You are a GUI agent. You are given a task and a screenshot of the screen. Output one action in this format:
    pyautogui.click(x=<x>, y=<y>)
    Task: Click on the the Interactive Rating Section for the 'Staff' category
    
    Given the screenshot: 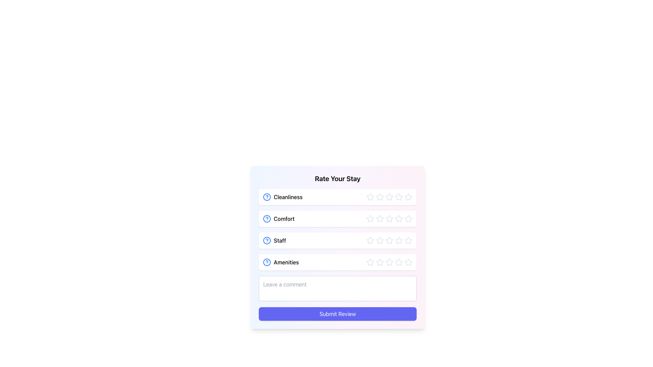 What is the action you would take?
    pyautogui.click(x=338, y=247)
    